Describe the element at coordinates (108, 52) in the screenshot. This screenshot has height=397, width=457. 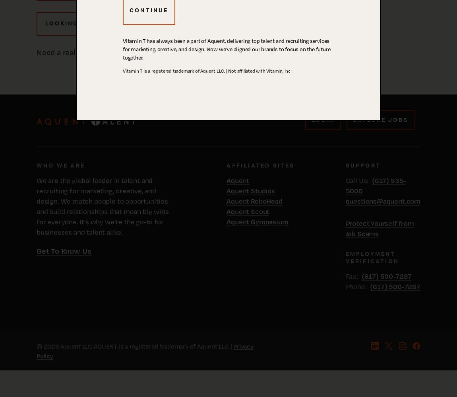
I see `'Need a real live human right now? Call us:'` at that location.